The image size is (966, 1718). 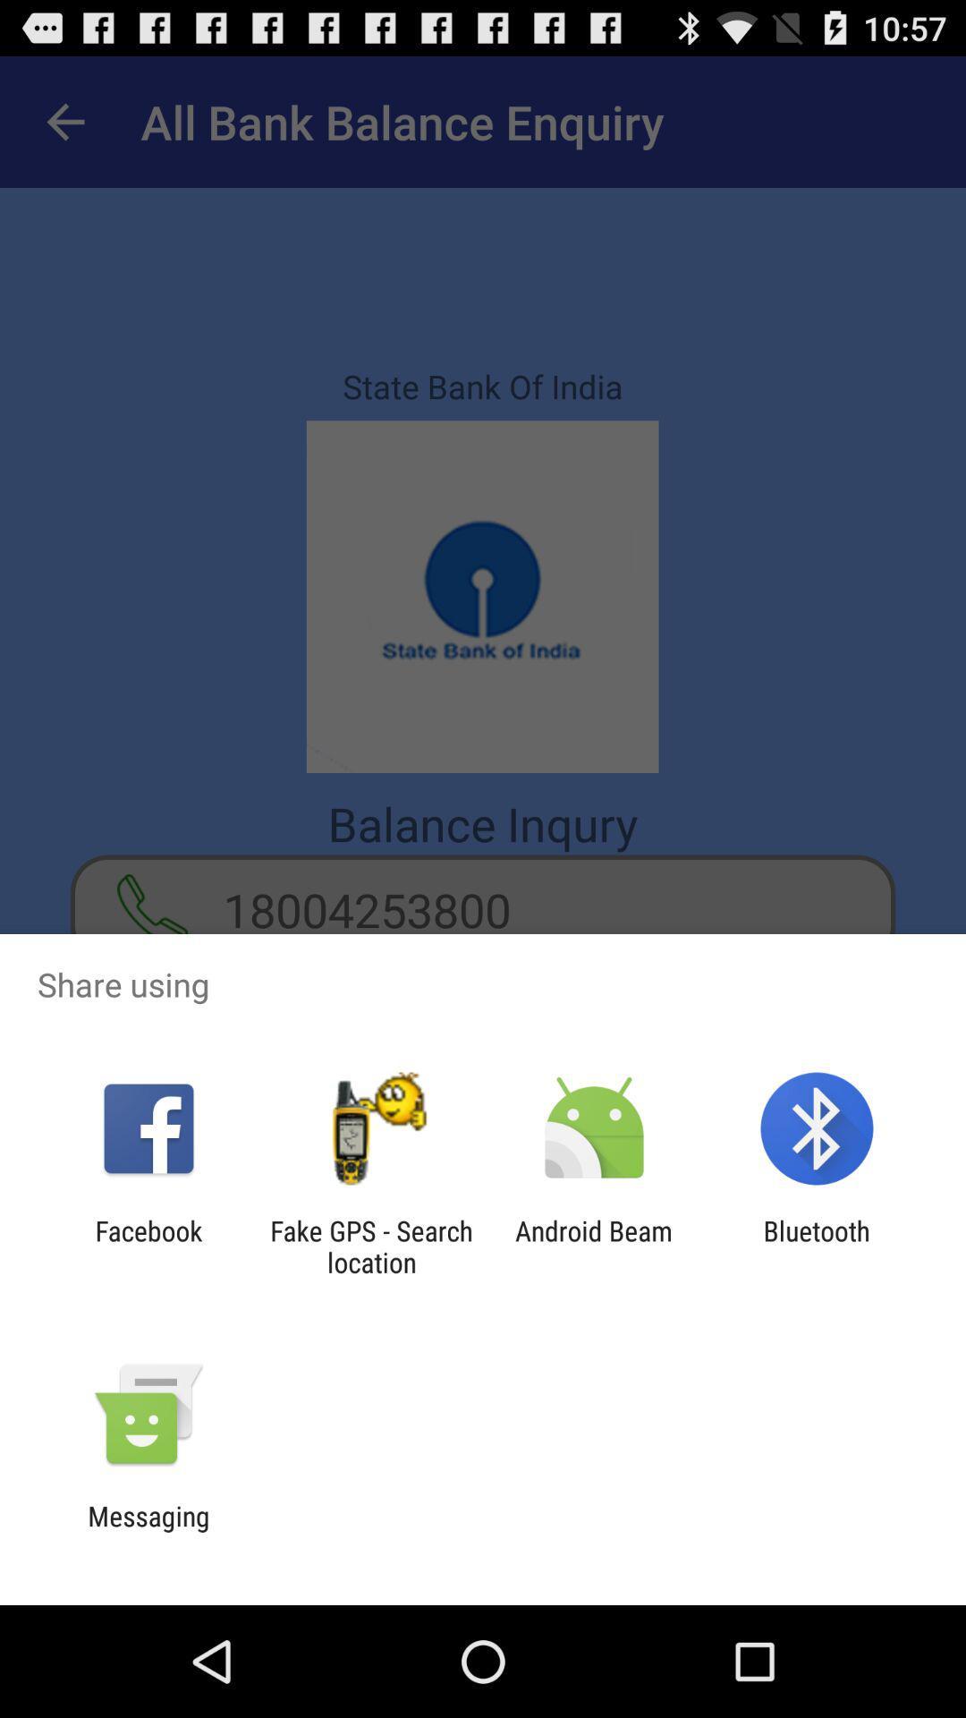 I want to click on app to the left of the bluetooth icon, so click(x=594, y=1246).